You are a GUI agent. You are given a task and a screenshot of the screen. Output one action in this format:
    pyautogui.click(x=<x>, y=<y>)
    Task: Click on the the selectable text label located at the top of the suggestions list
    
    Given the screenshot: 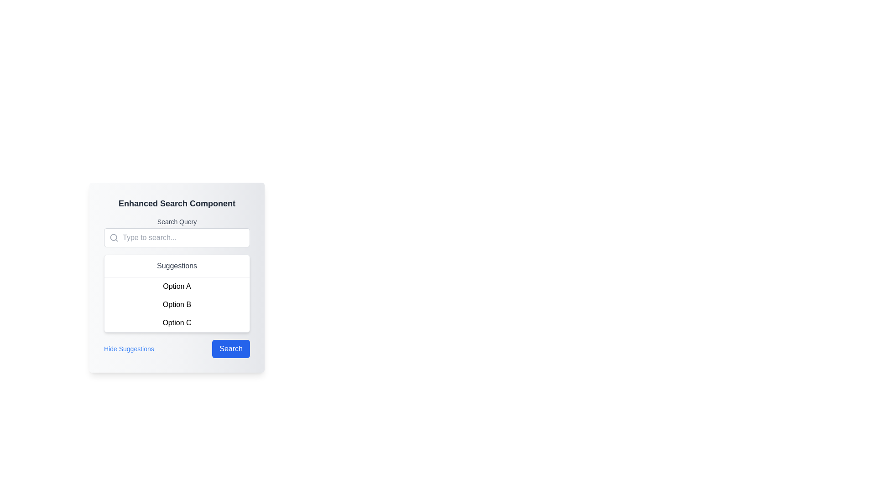 What is the action you would take?
    pyautogui.click(x=177, y=286)
    